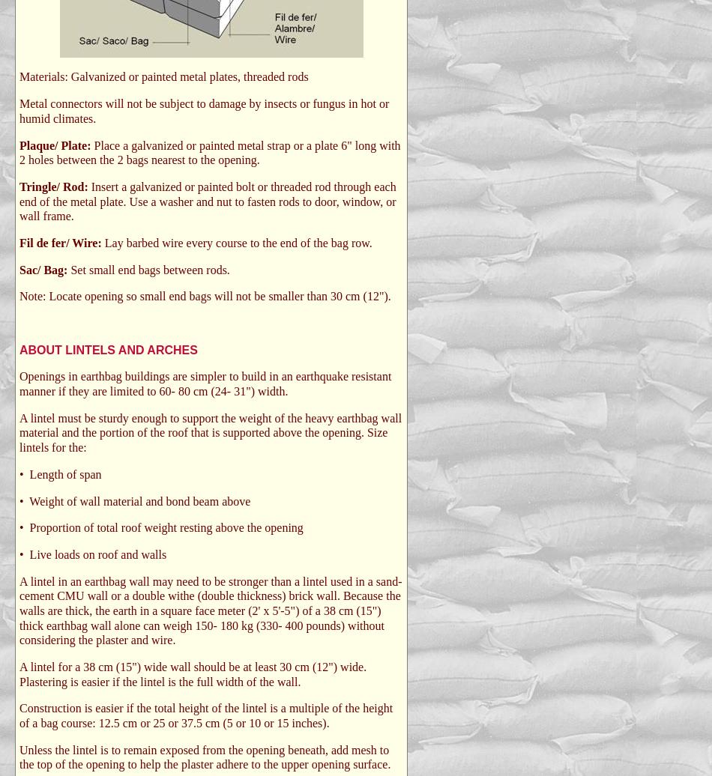  I want to click on 'Openings in earthbag buildings are simpler to build in an earthquake resistant manner if they are limited to 60- 80 cm (24- 31") width.', so click(204, 384).